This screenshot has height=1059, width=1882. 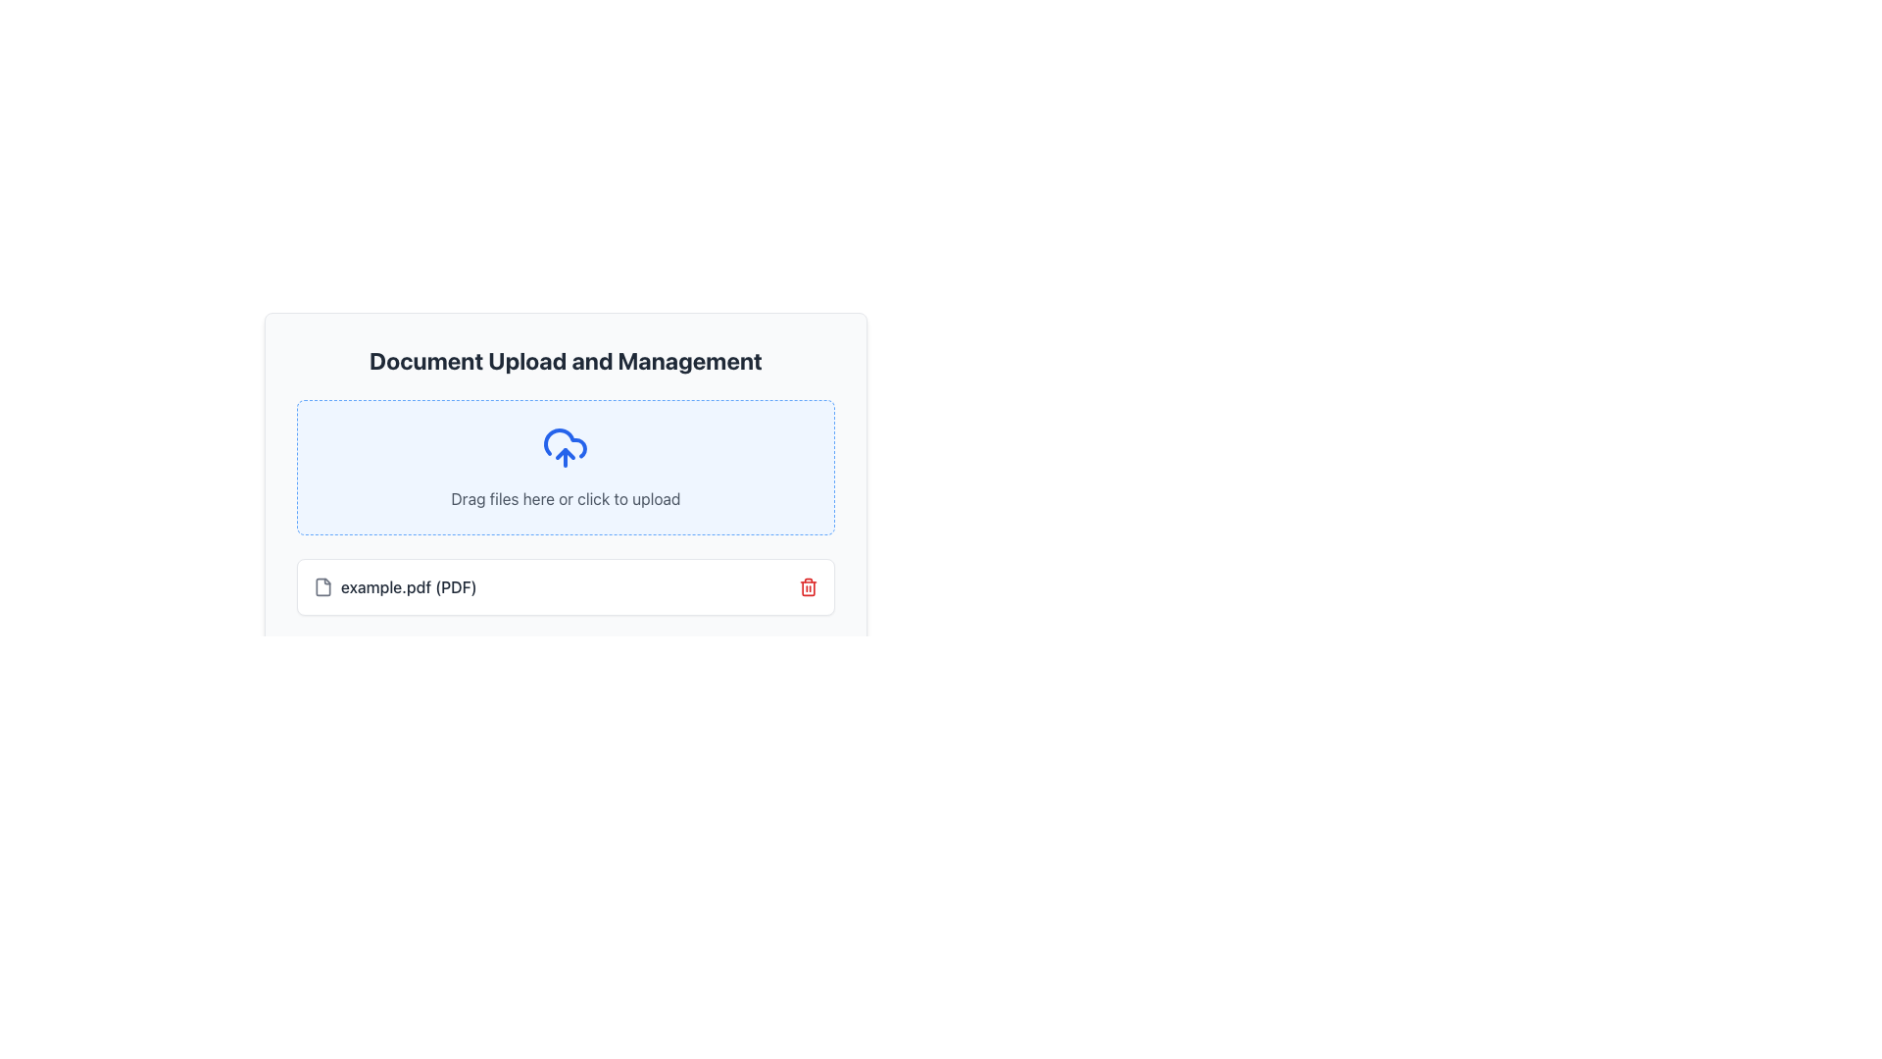 What do you see at coordinates (565, 468) in the screenshot?
I see `the drag-and-drop upload area` at bounding box center [565, 468].